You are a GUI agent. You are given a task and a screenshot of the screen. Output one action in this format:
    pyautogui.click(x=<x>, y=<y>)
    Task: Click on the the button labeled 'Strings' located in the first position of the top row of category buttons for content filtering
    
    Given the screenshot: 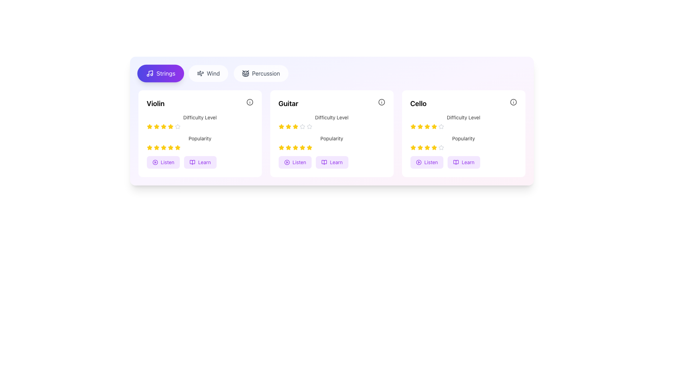 What is the action you would take?
    pyautogui.click(x=165, y=73)
    